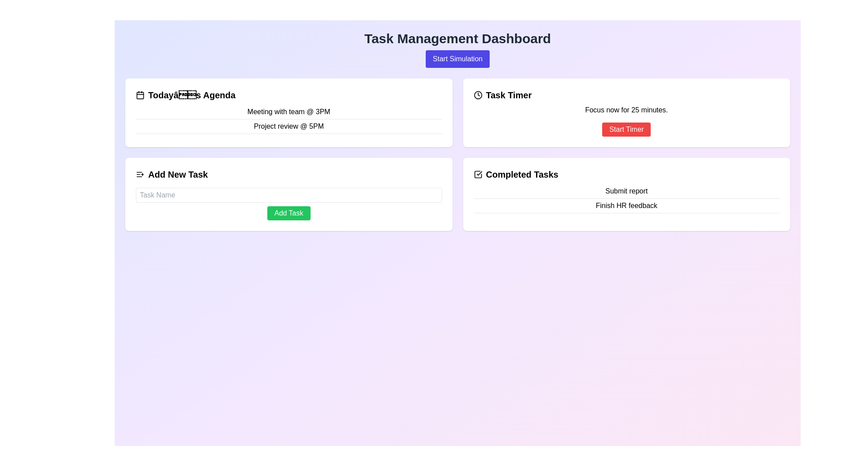  What do you see at coordinates (626, 206) in the screenshot?
I see `the text element labeled 'Finish HR feedback,' which is the second task in the 'Completed Tasks' section, positioned below 'Submit report.'` at bounding box center [626, 206].